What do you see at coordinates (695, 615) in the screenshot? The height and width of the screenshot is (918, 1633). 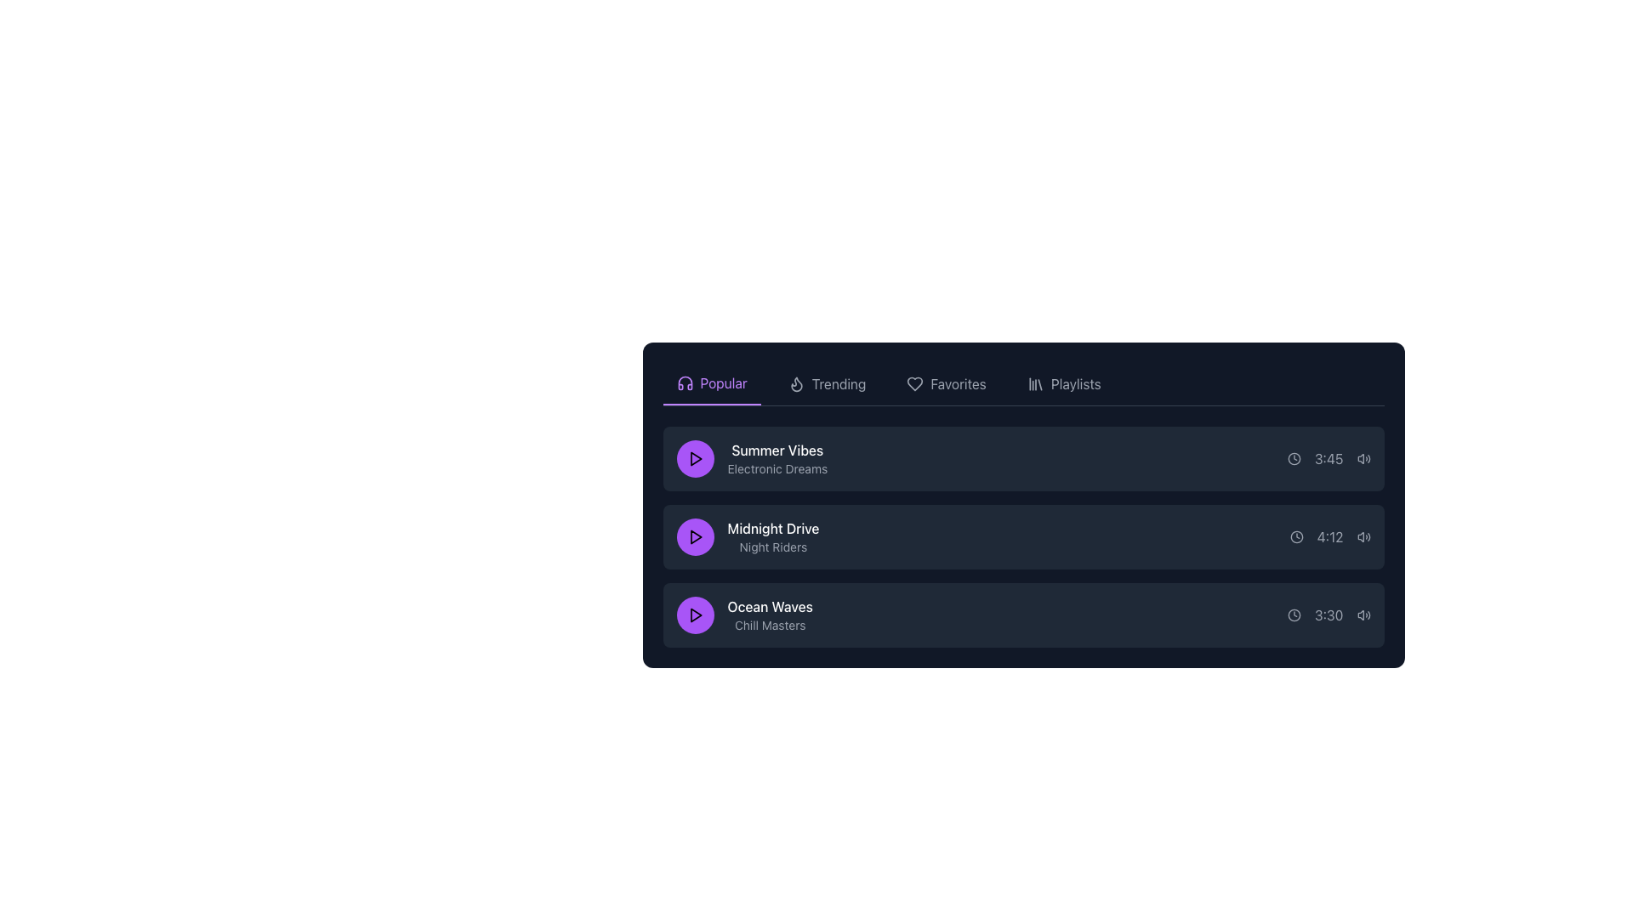 I see `the playback Button located on the left of the 'Ocean Waves' and 'Chill Masters' text elements in the third row of the 'Popular' tab interface` at bounding box center [695, 615].